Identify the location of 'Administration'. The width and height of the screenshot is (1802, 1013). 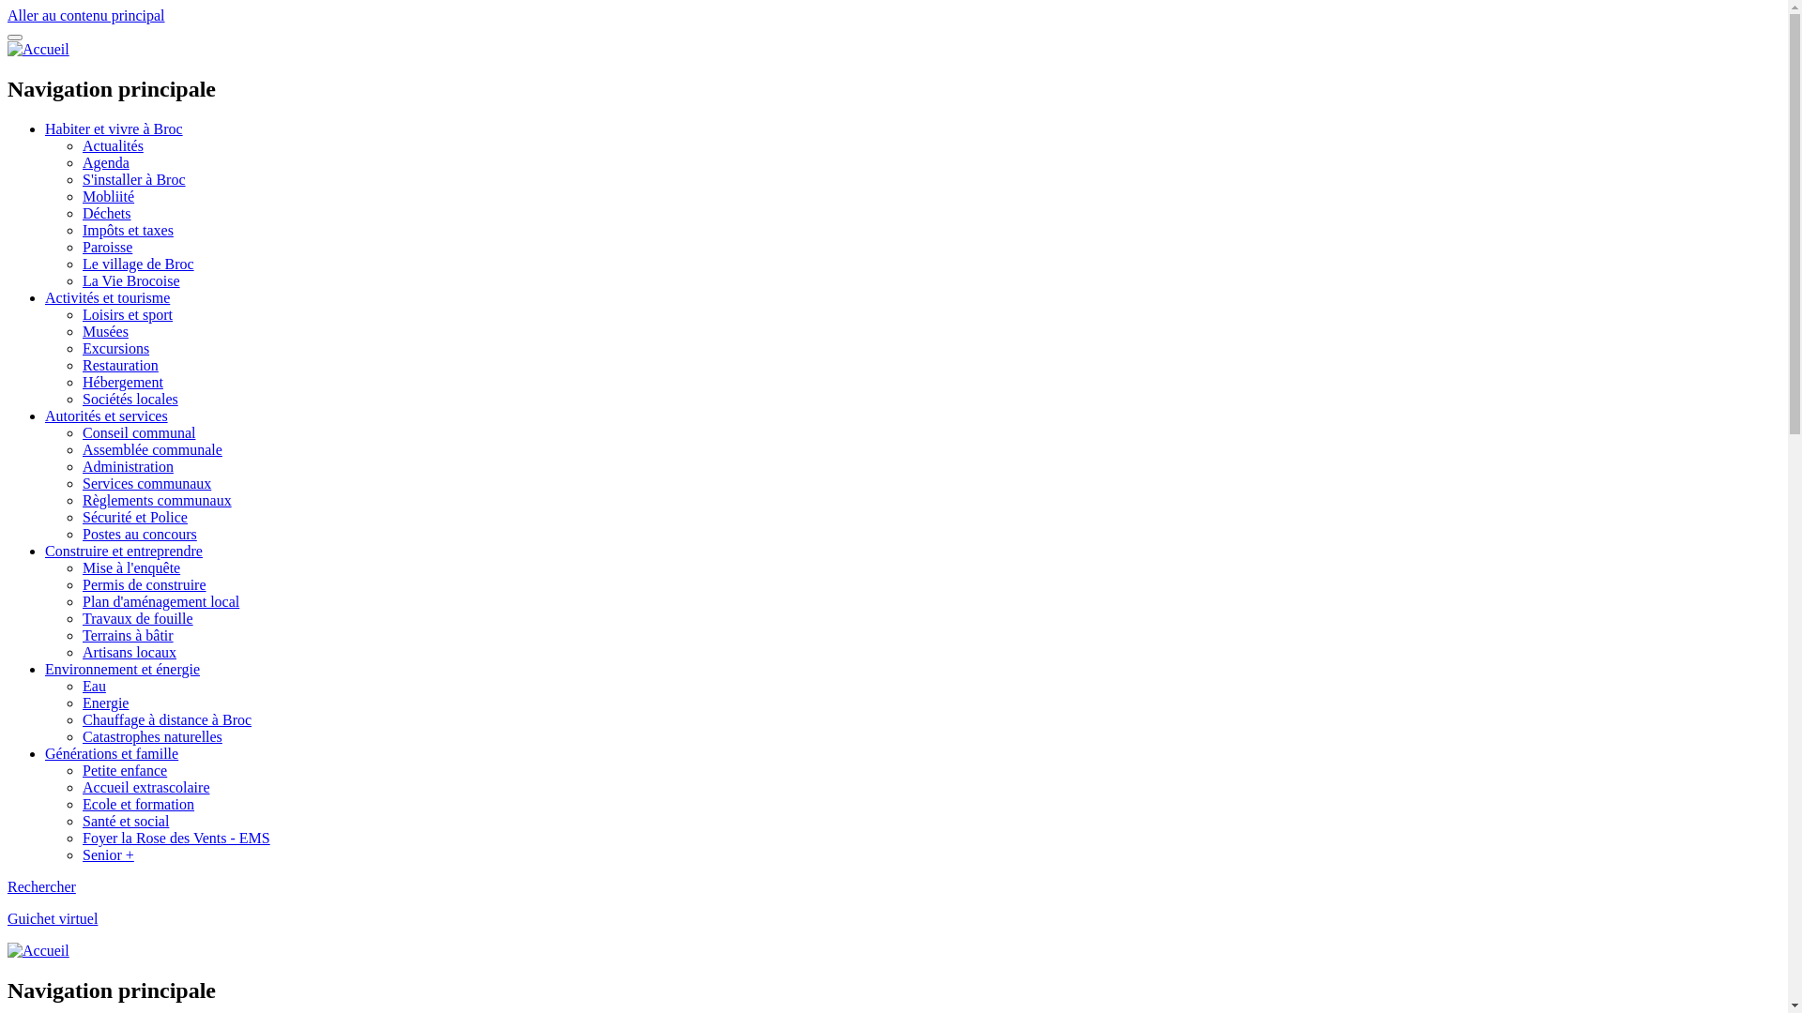
(127, 465).